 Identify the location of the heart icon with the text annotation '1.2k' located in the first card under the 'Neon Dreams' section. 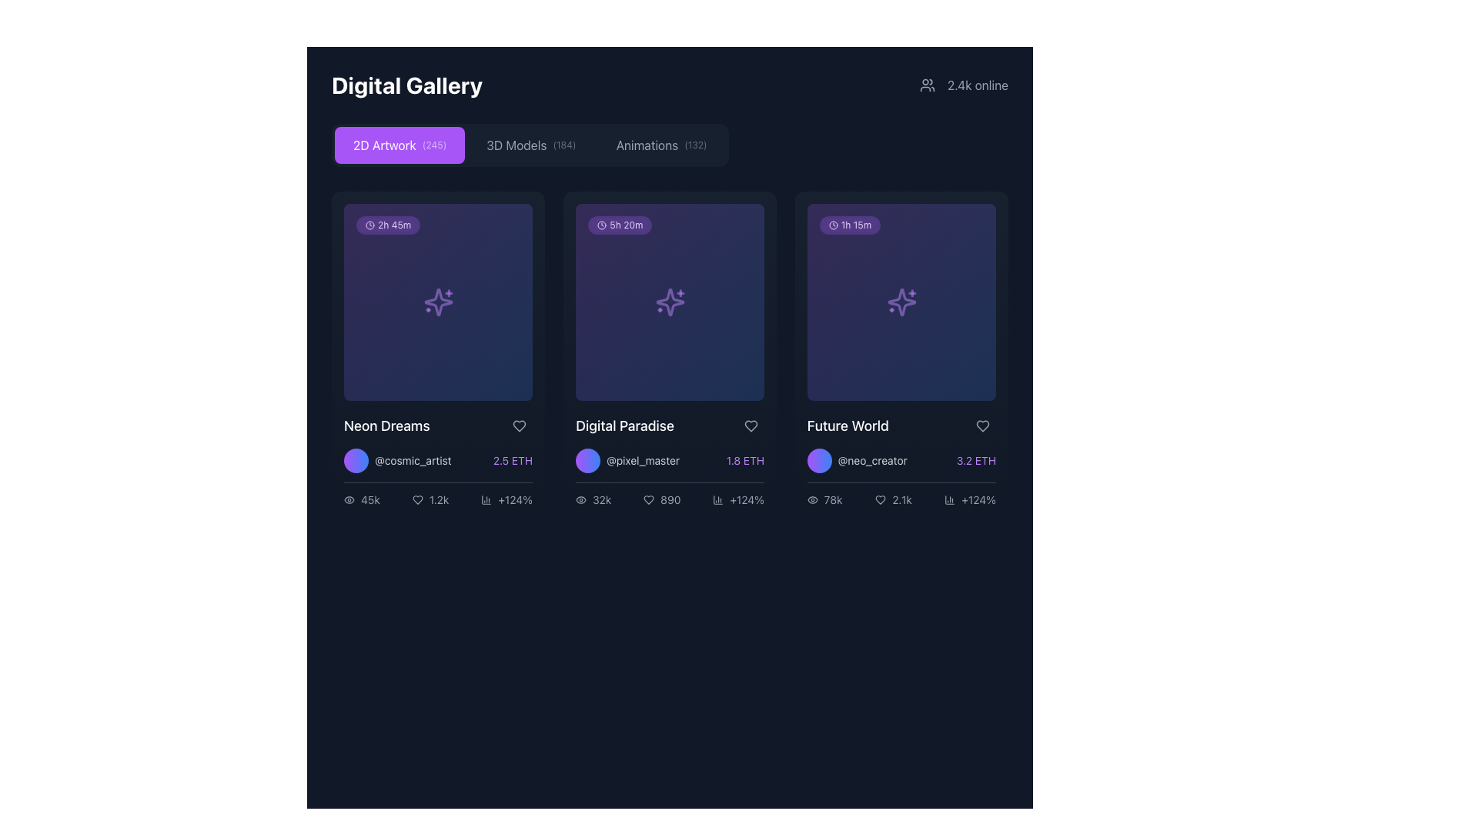
(430, 500).